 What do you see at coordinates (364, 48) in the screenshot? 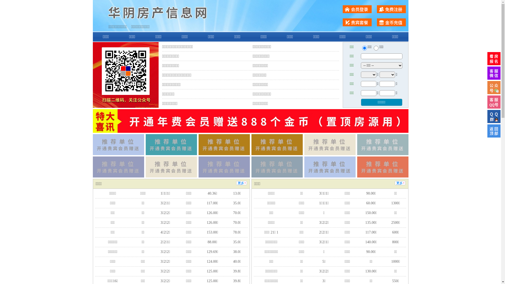
I see `'ershou'` at bounding box center [364, 48].